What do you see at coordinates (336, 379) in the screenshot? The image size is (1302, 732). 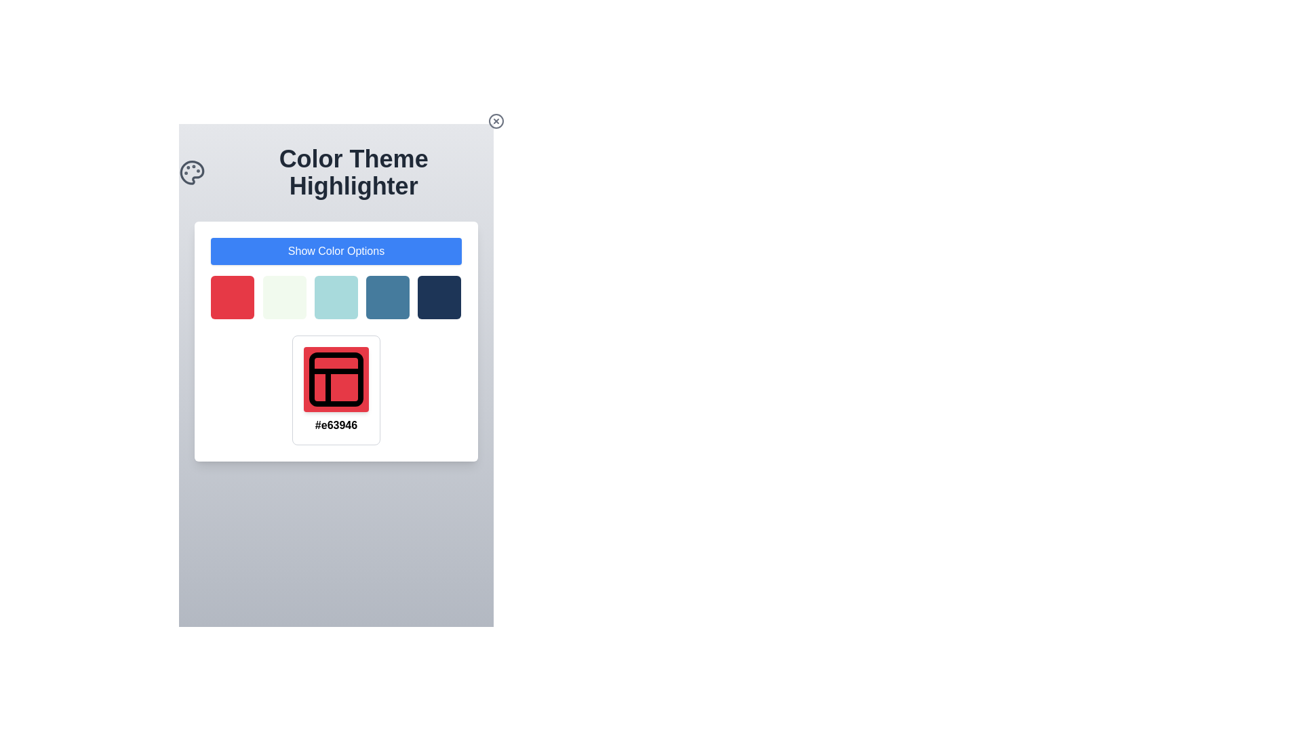 I see `the color theme icon represented by the color '#e63946', which is positioned within a white rounded rectangle above the bold text '#e63946'` at bounding box center [336, 379].